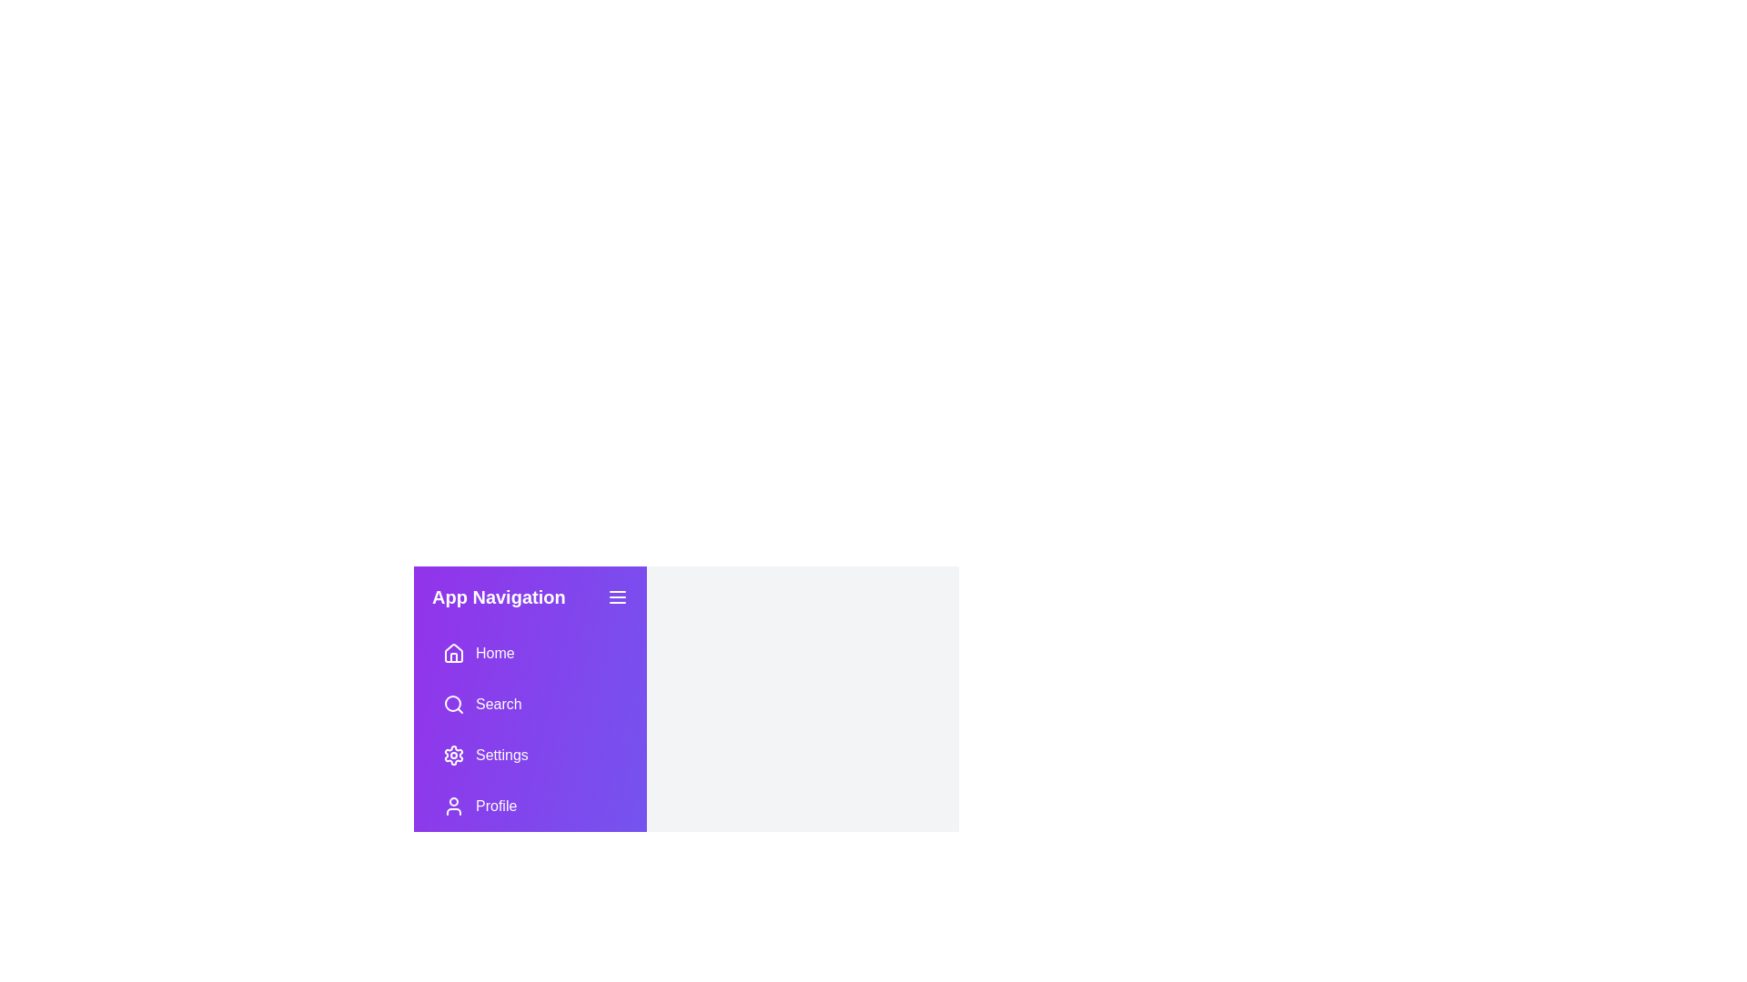  Describe the element at coordinates (529, 652) in the screenshot. I see `the Home button in the navigation drawer to navigate to the corresponding section` at that location.